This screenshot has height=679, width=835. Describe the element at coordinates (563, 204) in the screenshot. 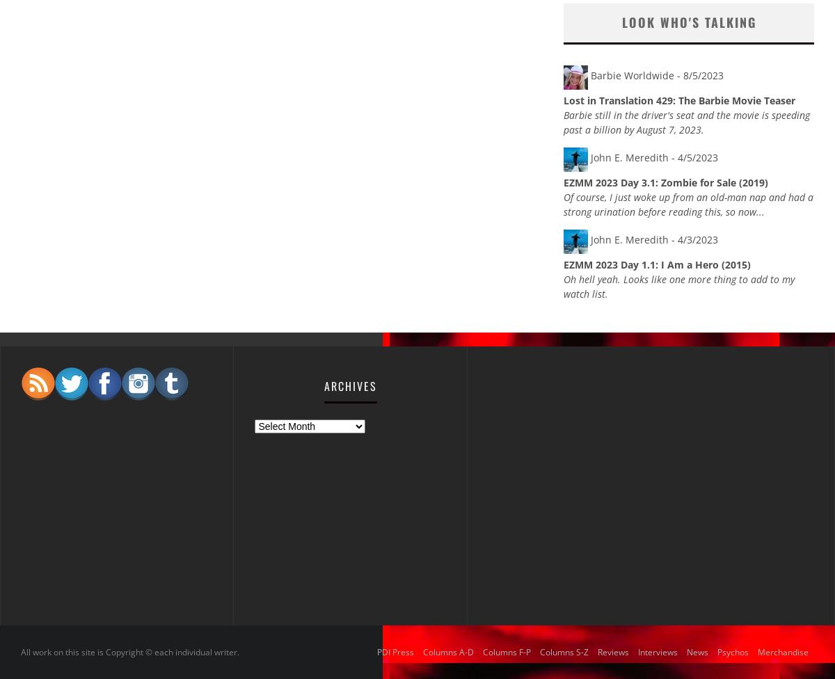

I see `'Of course, I just woke up from an old-man nap and had a strong urination before reading this, so now...'` at that location.